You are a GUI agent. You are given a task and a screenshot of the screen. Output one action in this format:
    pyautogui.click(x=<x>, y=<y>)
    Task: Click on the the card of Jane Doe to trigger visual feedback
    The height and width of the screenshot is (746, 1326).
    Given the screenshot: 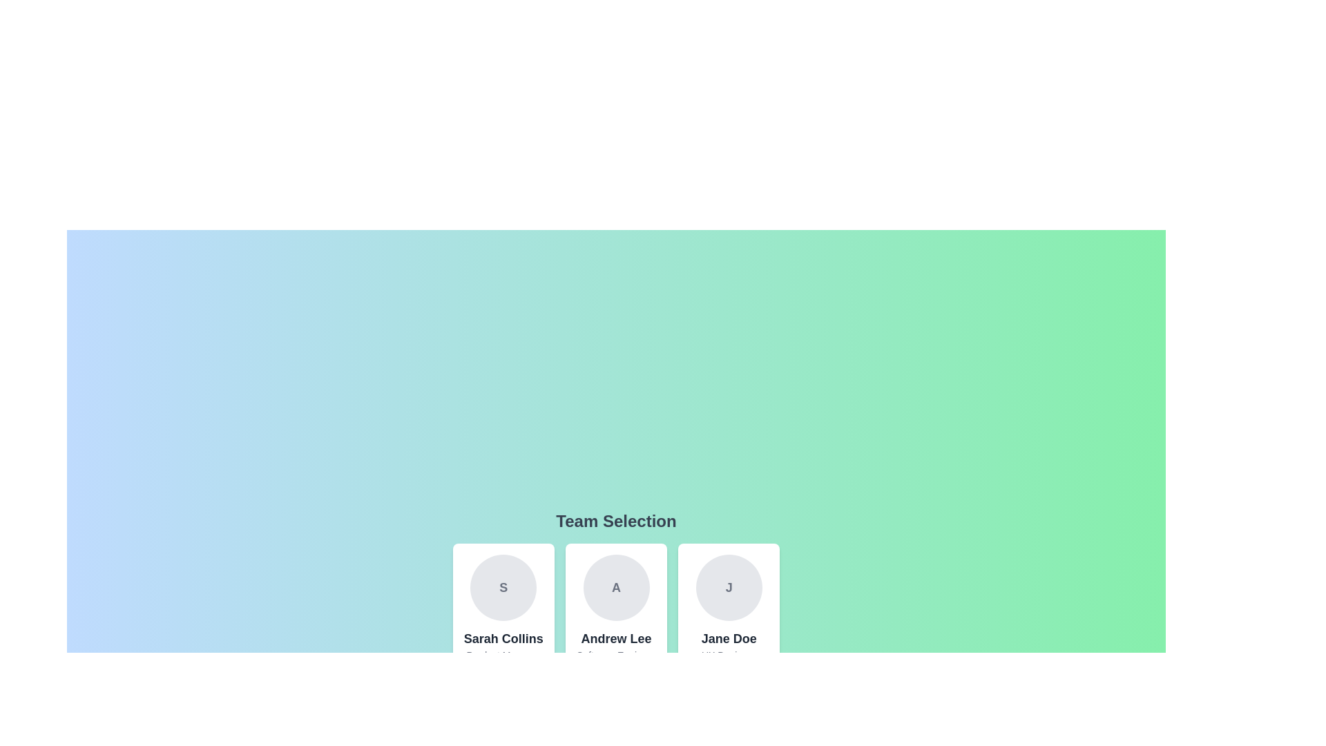 What is the action you would take?
    pyautogui.click(x=728, y=619)
    